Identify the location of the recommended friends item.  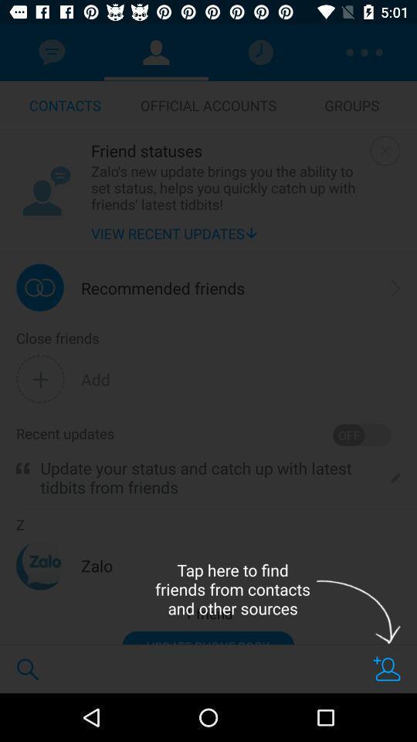
(162, 287).